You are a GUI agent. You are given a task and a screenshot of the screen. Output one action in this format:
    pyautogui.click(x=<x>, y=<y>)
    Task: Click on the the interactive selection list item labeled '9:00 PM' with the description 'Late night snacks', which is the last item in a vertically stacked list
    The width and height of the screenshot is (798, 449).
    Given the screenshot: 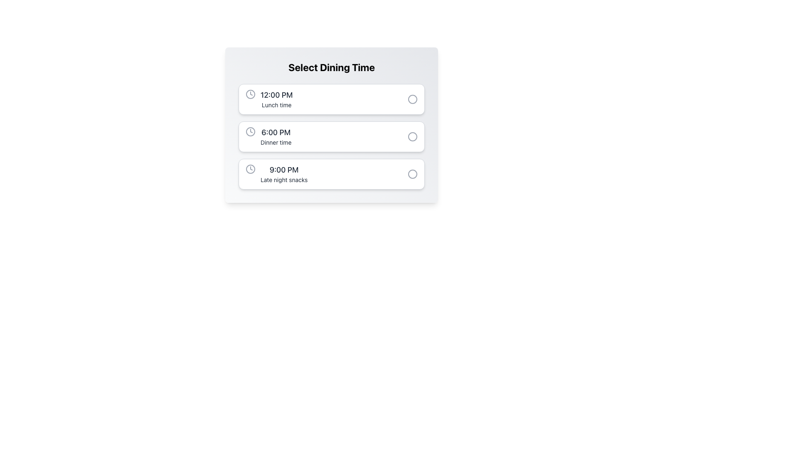 What is the action you would take?
    pyautogui.click(x=331, y=174)
    